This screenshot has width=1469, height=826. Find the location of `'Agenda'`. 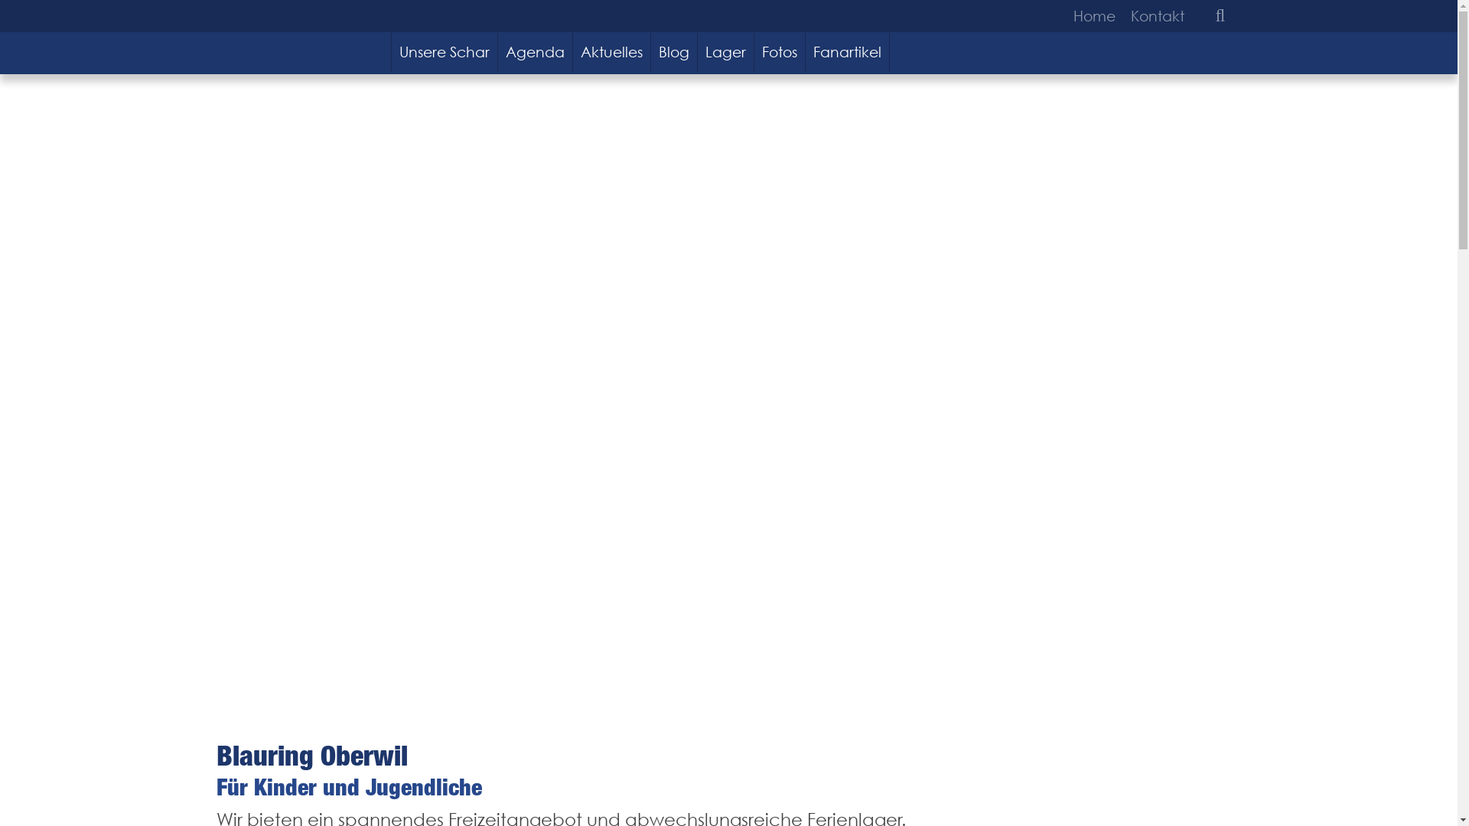

'Agenda' is located at coordinates (536, 51).